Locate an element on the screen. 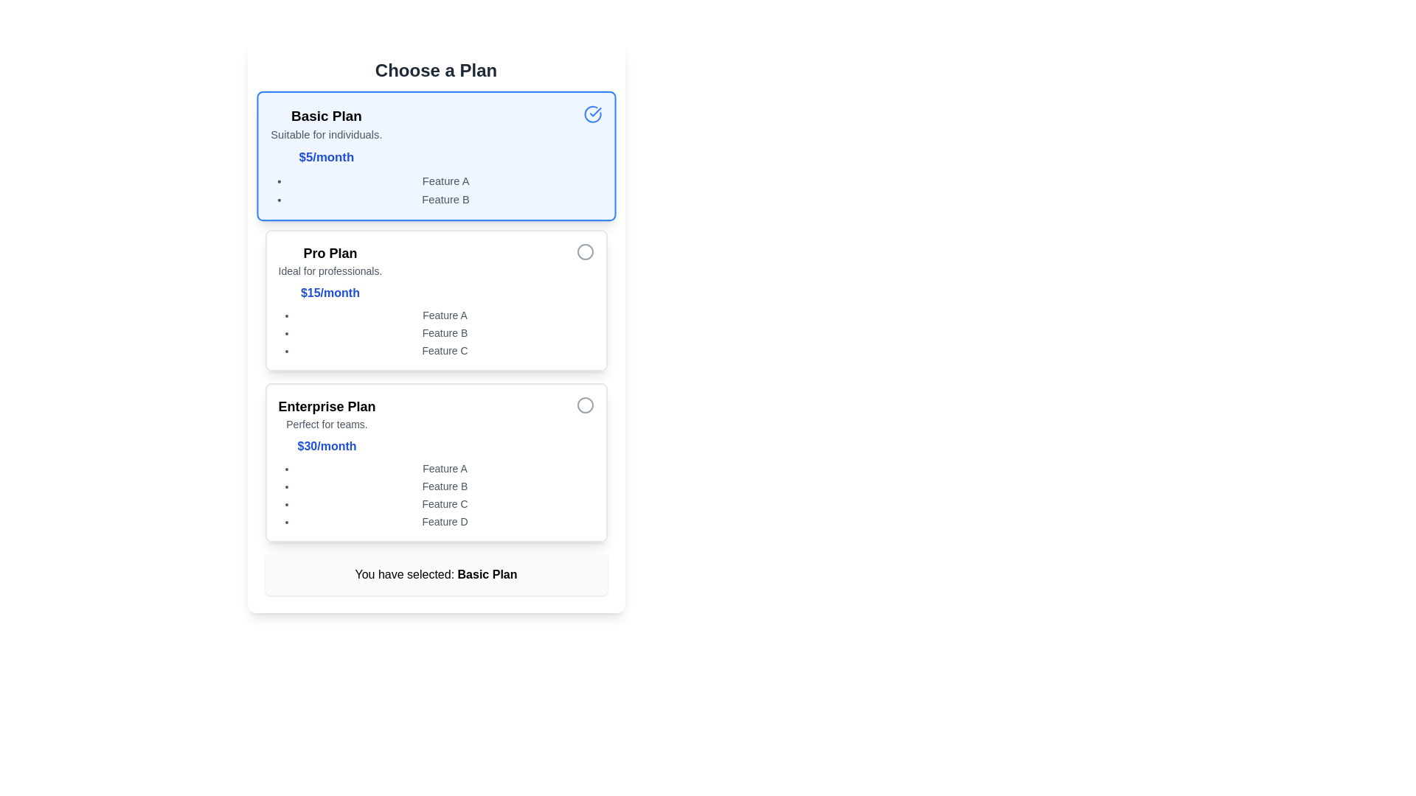  the visual feedback of the gray circular radio button located at the top-right corner of the card under 'Pro Plan' is located at coordinates (584, 251).